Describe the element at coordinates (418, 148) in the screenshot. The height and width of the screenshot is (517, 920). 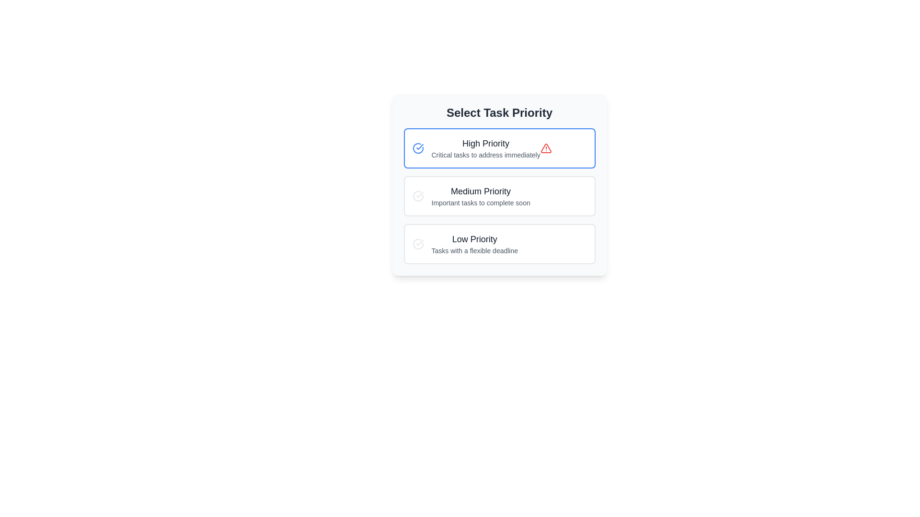
I see `the circular vector graphic icon with a geometric pattern representing a partial curve or arc, located in the topmost 'High Priority' option box within the task selection interface` at that location.